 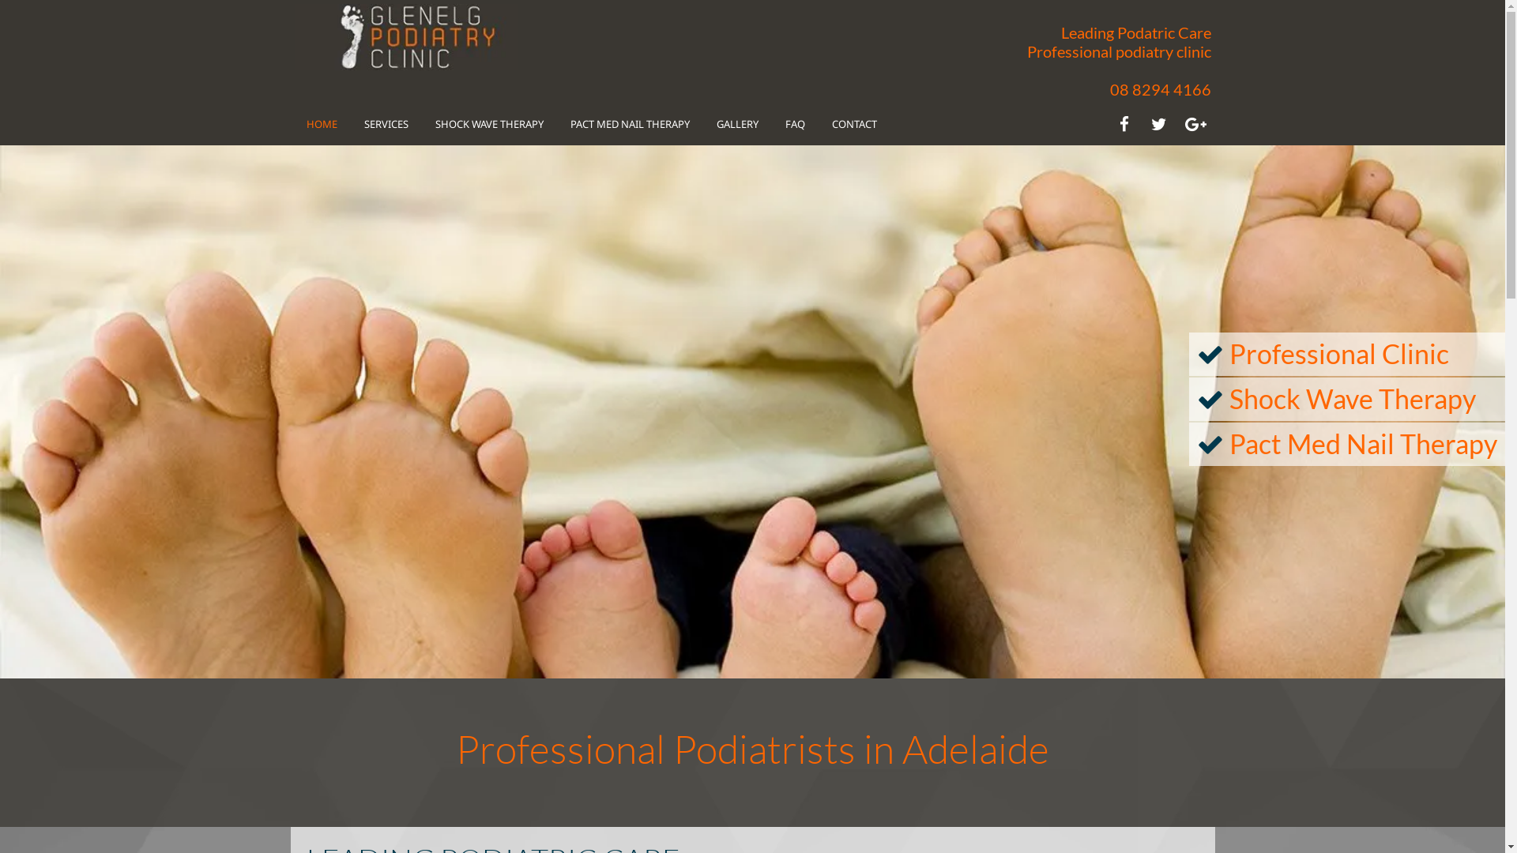 I want to click on 'SERVICES', so click(x=386, y=122).